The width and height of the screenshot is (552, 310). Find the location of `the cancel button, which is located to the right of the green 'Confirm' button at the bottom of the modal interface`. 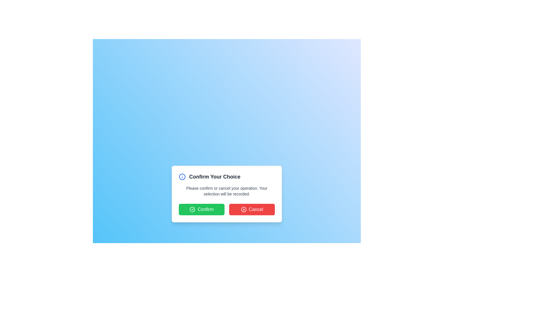

the cancel button, which is located to the right of the green 'Confirm' button at the bottom of the modal interface is located at coordinates (252, 209).